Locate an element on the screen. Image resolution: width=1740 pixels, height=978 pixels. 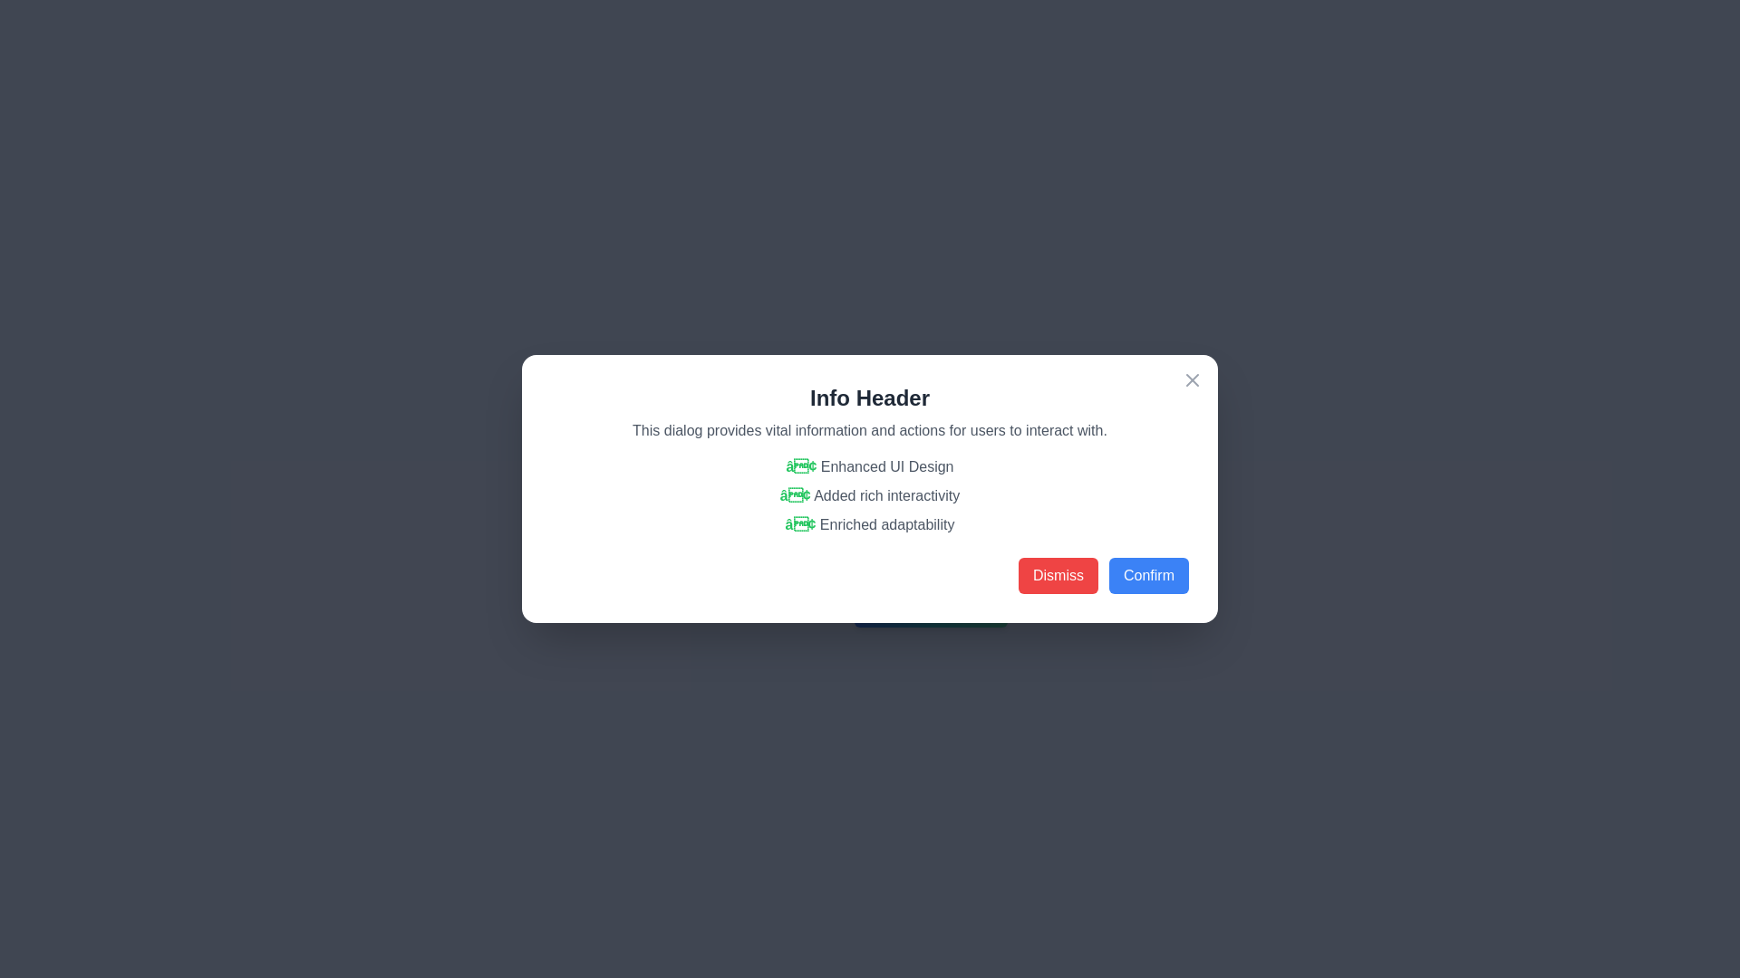
the dismiss button located in the bottom-right side of the modal dialog, which is slightly to the left of the 'Confirm' button, to observe style changes is located at coordinates (1058, 576).